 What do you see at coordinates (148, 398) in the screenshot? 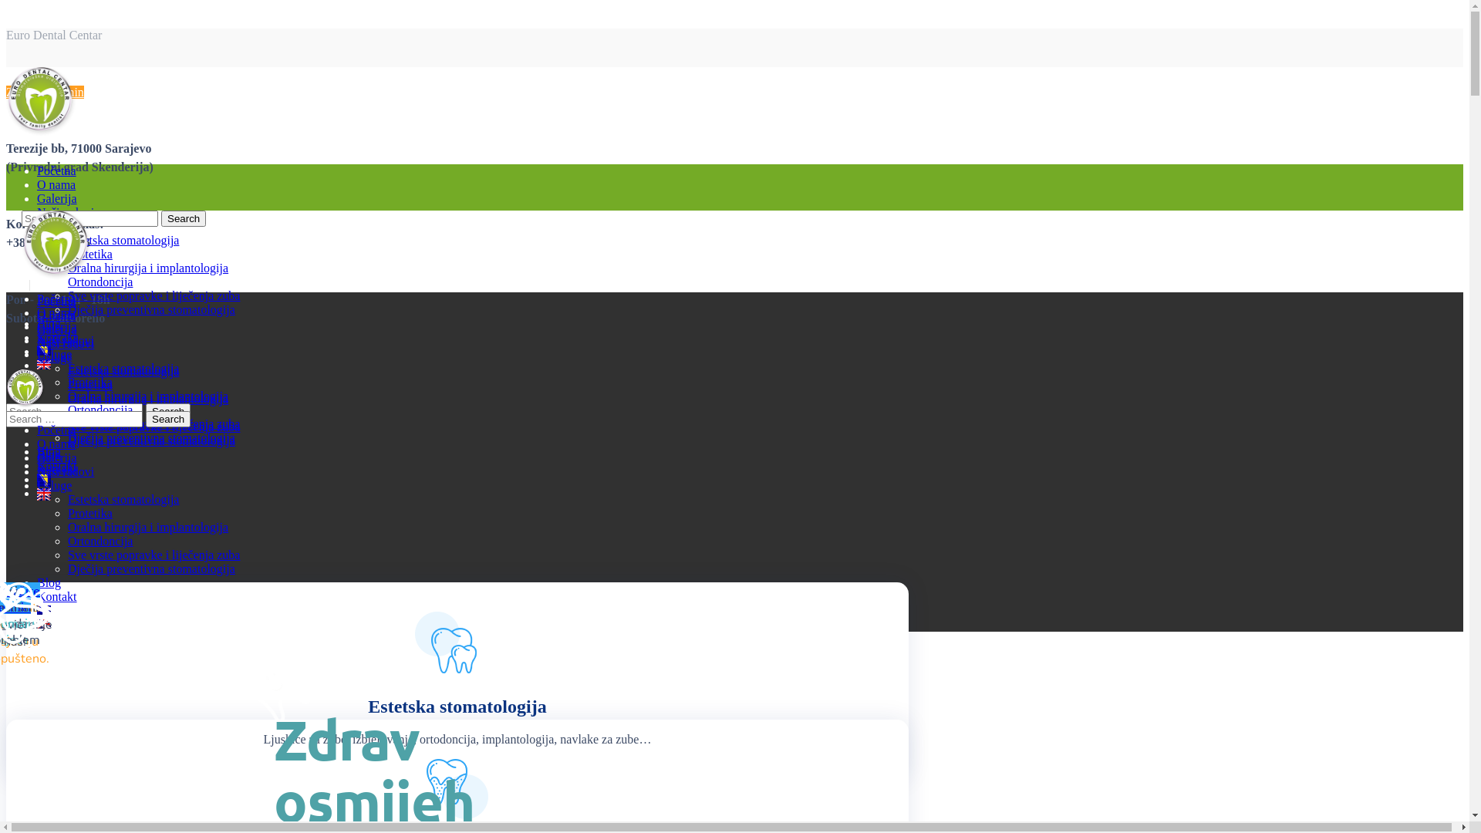
I see `'Oralna hirurgija i implantologija'` at bounding box center [148, 398].